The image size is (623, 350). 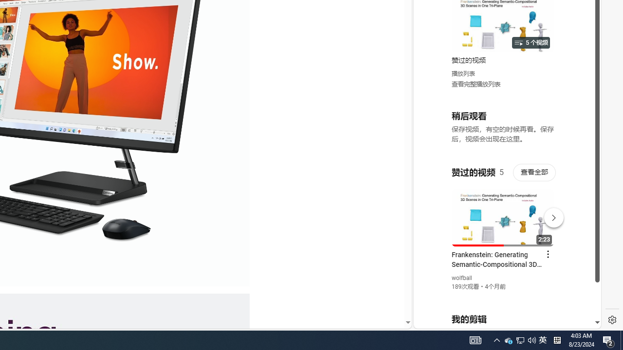 I want to click on 'you', so click(x=503, y=296).